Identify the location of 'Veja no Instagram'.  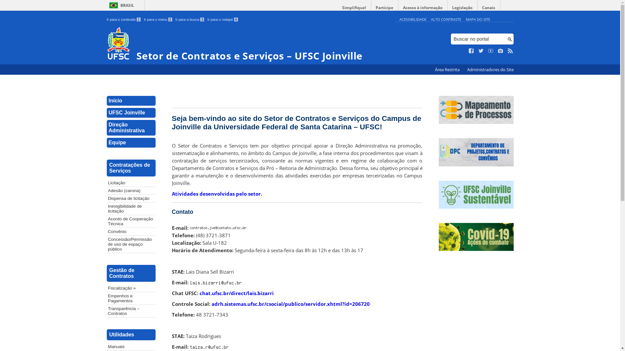
(500, 51).